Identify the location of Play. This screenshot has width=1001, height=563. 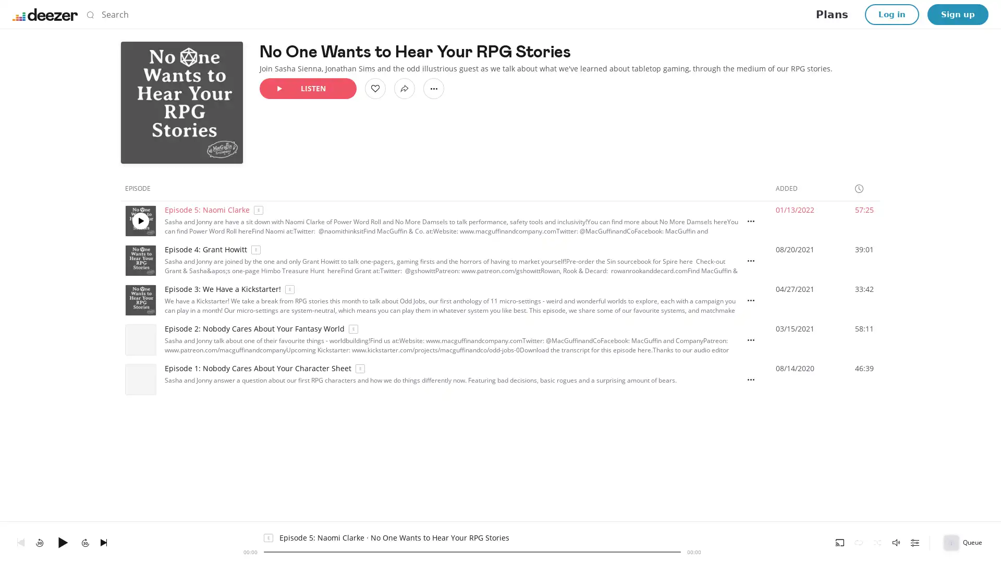
(62, 542).